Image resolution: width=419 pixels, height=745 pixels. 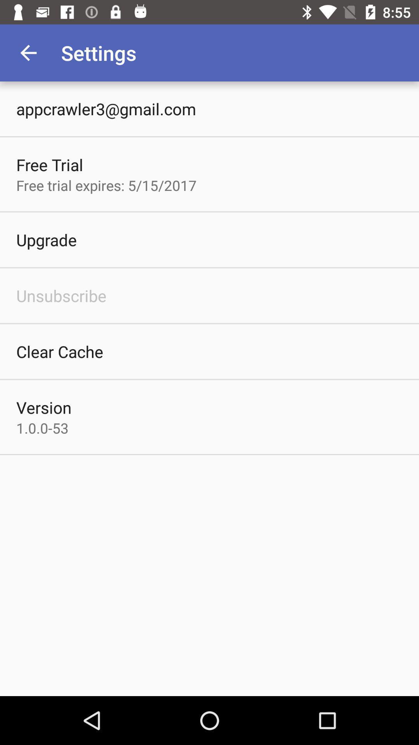 What do you see at coordinates (44, 407) in the screenshot?
I see `version` at bounding box center [44, 407].